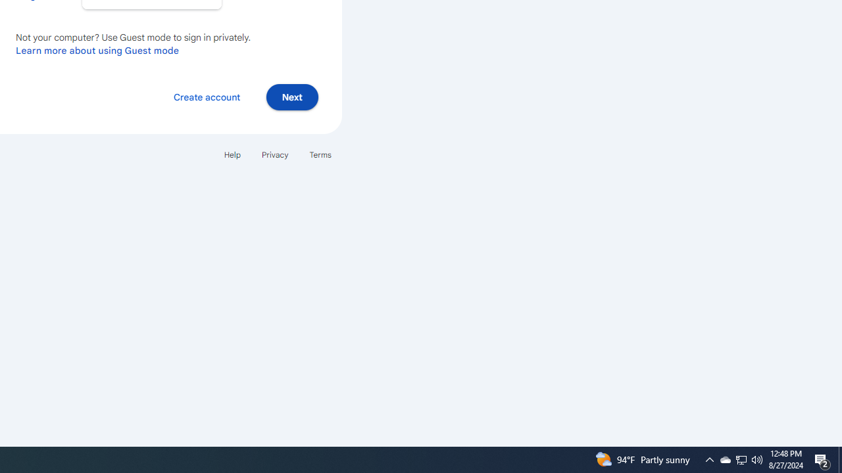 The width and height of the screenshot is (842, 473). I want to click on 'Learn more about using Guest mode', so click(97, 49).